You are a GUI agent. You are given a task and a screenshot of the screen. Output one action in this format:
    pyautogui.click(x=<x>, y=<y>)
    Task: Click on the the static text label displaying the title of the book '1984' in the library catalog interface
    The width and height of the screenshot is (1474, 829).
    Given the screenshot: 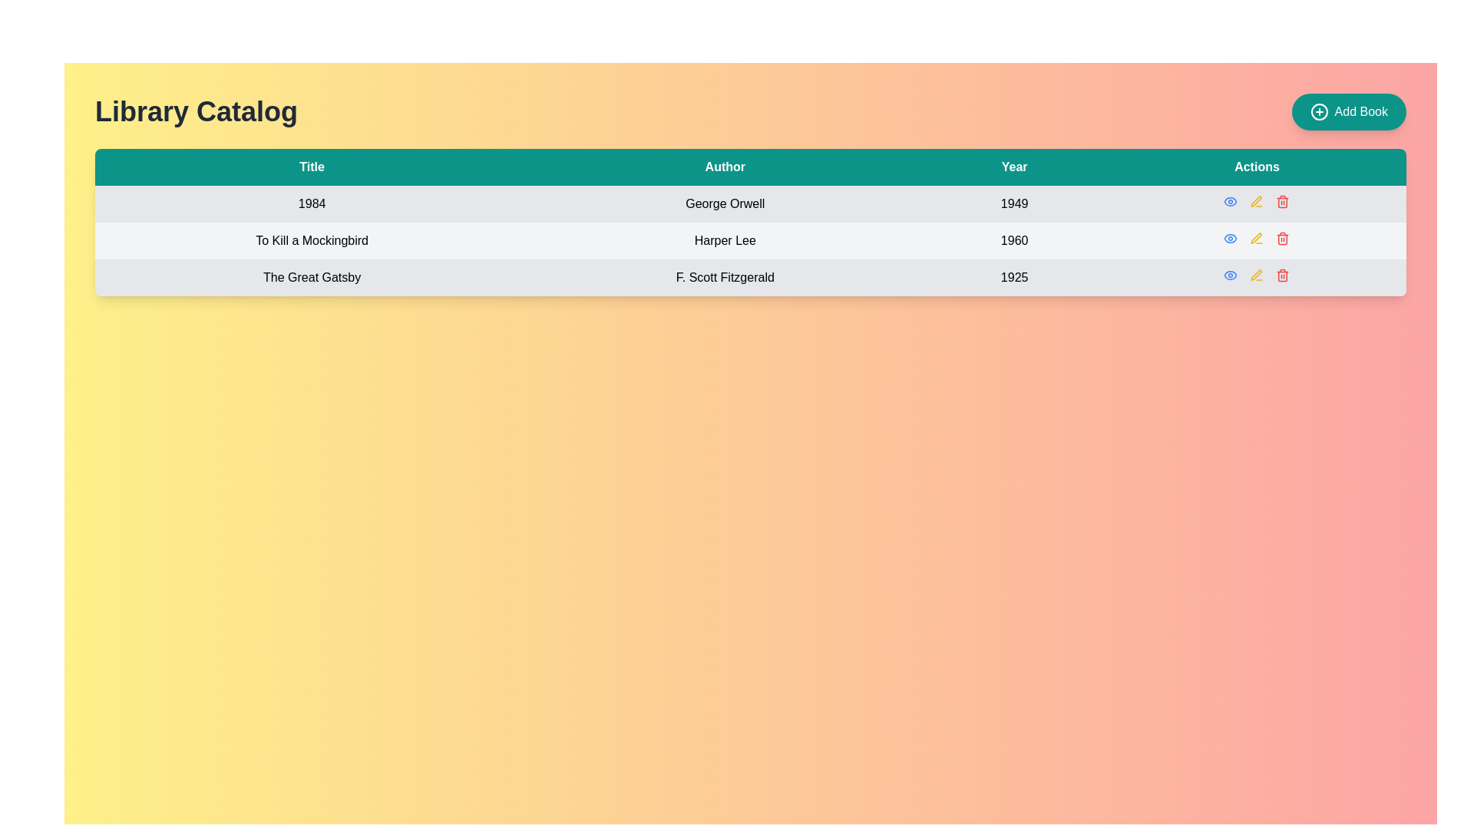 What is the action you would take?
    pyautogui.click(x=311, y=203)
    